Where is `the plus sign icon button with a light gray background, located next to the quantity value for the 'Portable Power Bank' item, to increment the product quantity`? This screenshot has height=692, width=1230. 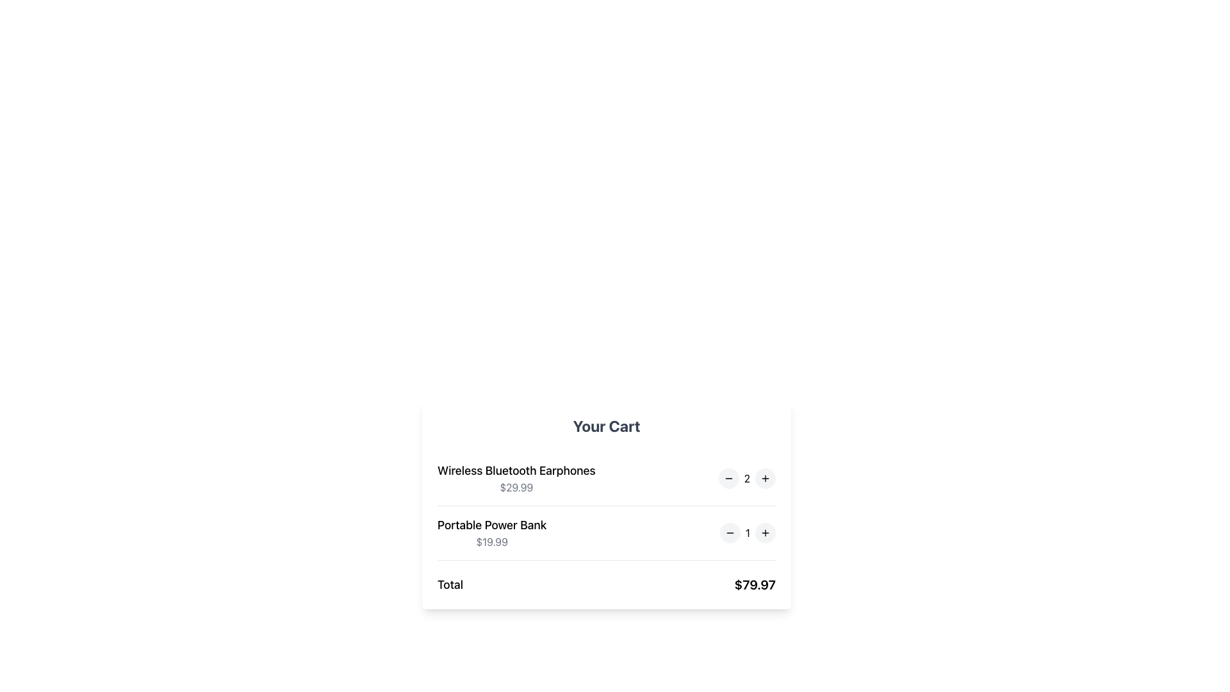
the plus sign icon button with a light gray background, located next to the quantity value for the 'Portable Power Bank' item, to increment the product quantity is located at coordinates (766, 533).